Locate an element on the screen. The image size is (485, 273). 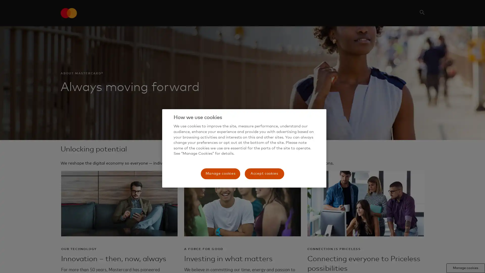
Manage cookies is located at coordinates (221, 173).